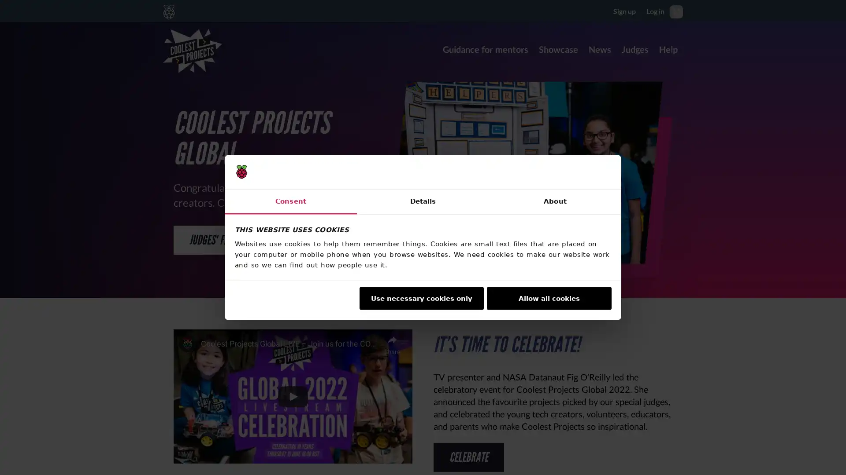 The image size is (846, 475). What do you see at coordinates (624, 11) in the screenshot?
I see `Sign up` at bounding box center [624, 11].